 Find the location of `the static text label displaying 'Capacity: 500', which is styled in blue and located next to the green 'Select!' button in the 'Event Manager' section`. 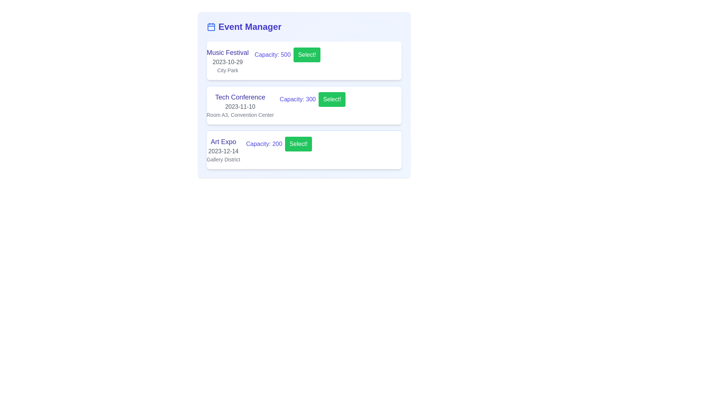

the static text label displaying 'Capacity: 500', which is styled in blue and located next to the green 'Select!' button in the 'Event Manager' section is located at coordinates (272, 55).